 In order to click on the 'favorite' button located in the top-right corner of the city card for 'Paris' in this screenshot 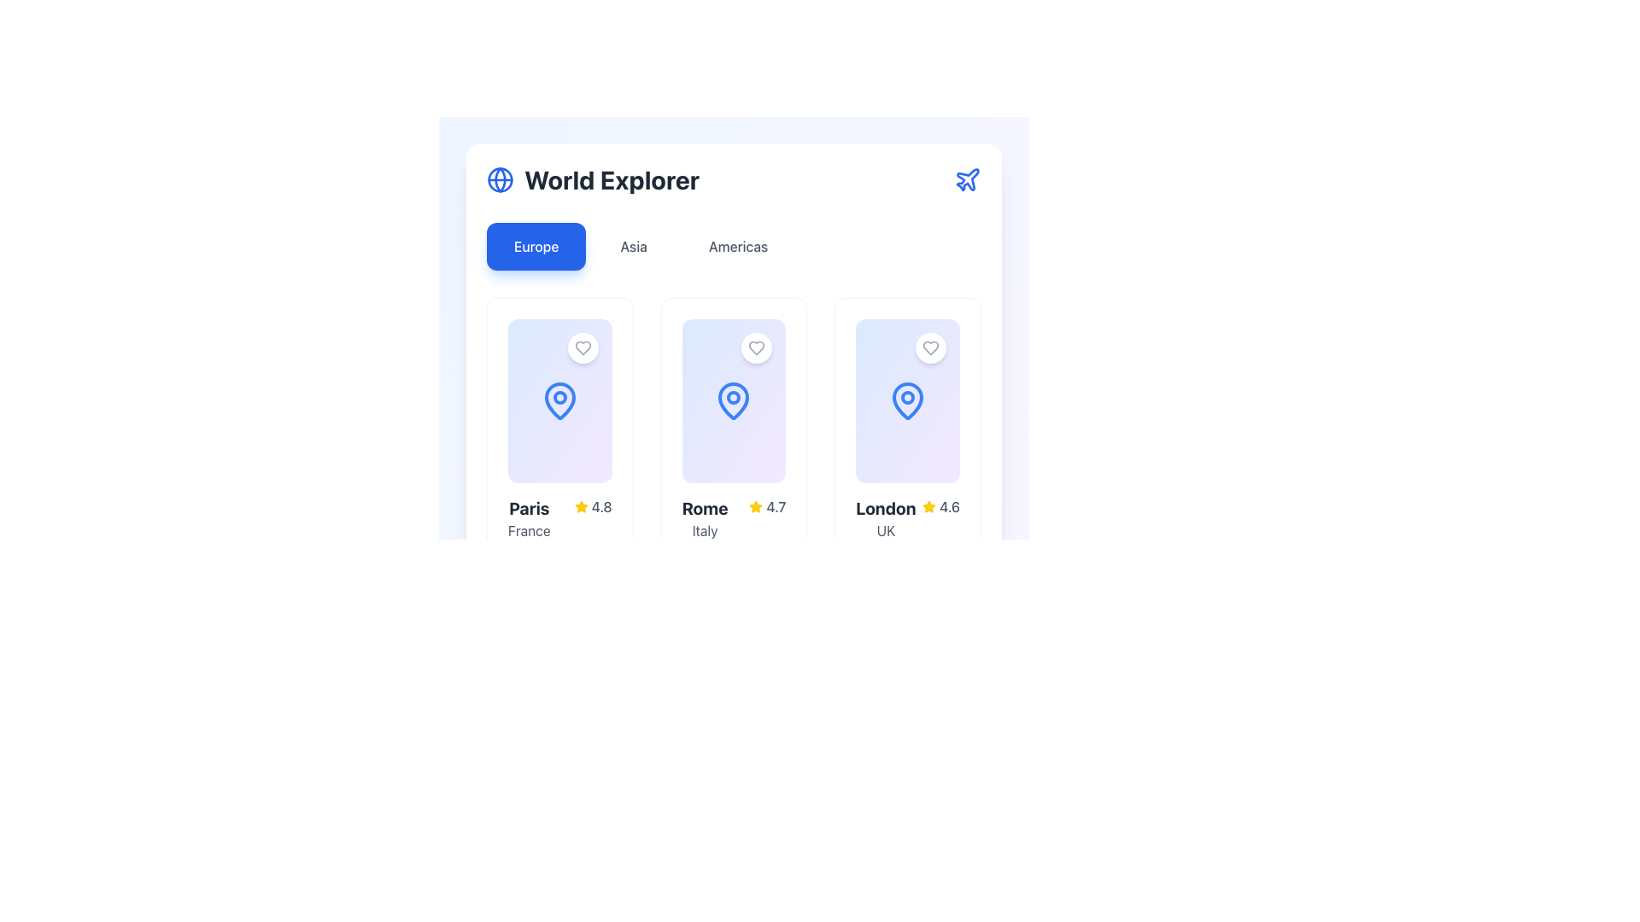, I will do `click(583, 347)`.